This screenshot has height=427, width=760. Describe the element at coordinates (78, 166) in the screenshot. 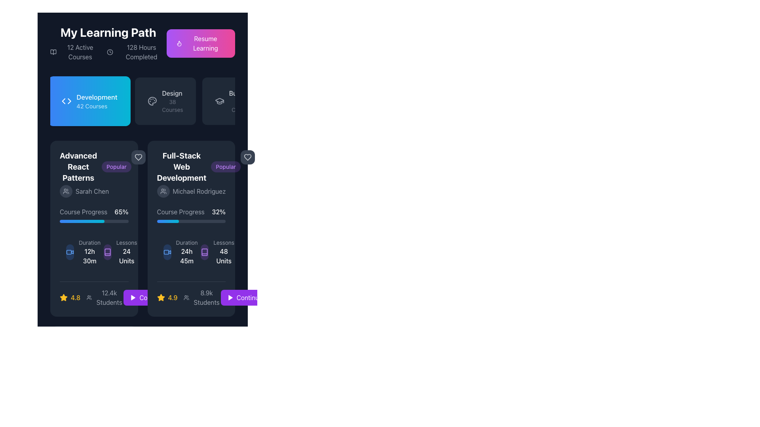

I see `the text block titled 'Advanced React Patterns', which is prominently displayed in white text at the top section of the course card` at that location.